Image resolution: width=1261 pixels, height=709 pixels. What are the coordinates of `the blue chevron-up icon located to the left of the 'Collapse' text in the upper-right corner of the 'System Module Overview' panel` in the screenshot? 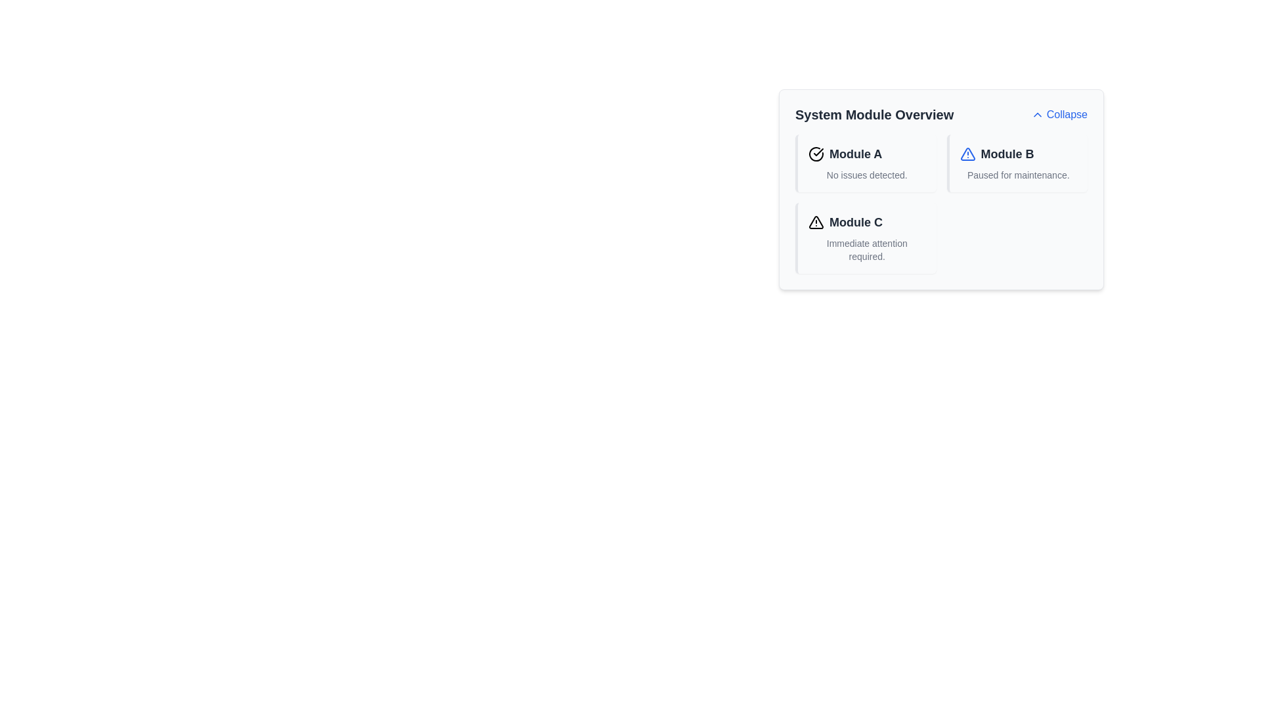 It's located at (1036, 114).